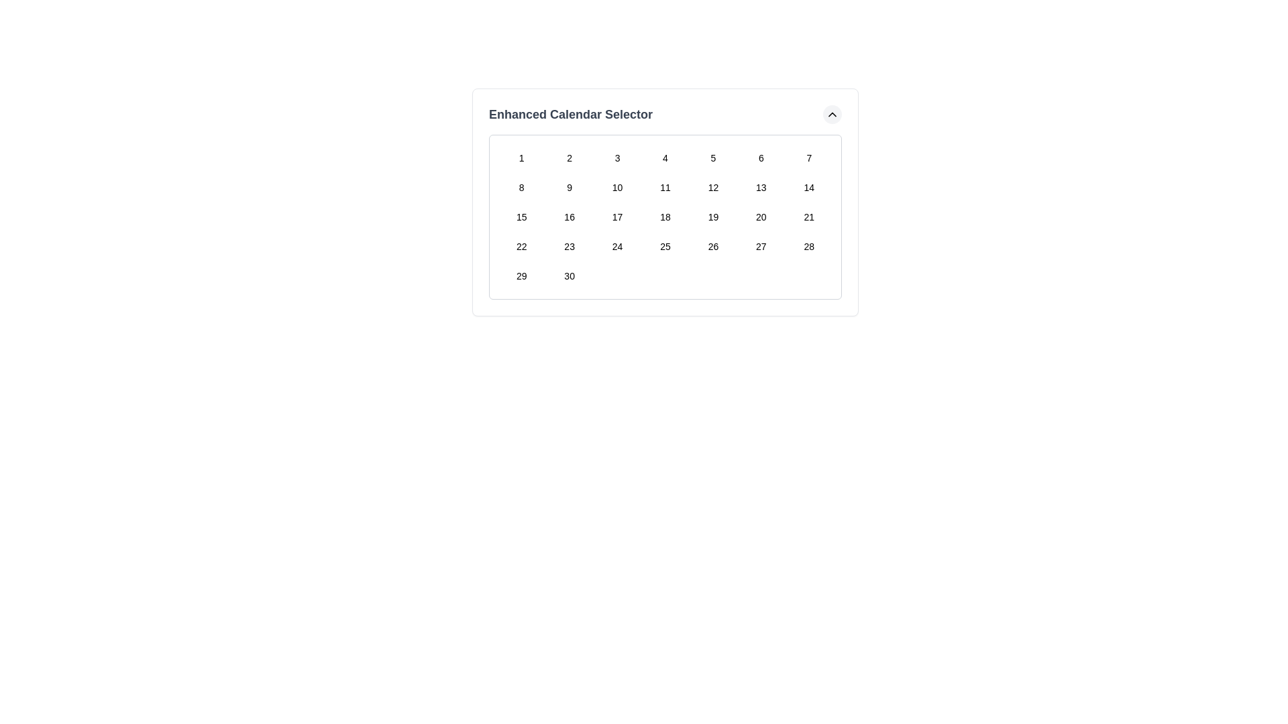 This screenshot has height=724, width=1288. Describe the element at coordinates (761, 217) in the screenshot. I see `the button labeled '20', which is styled as a square grid cell in the 6th column of the 3rd row in the calendar component` at that location.